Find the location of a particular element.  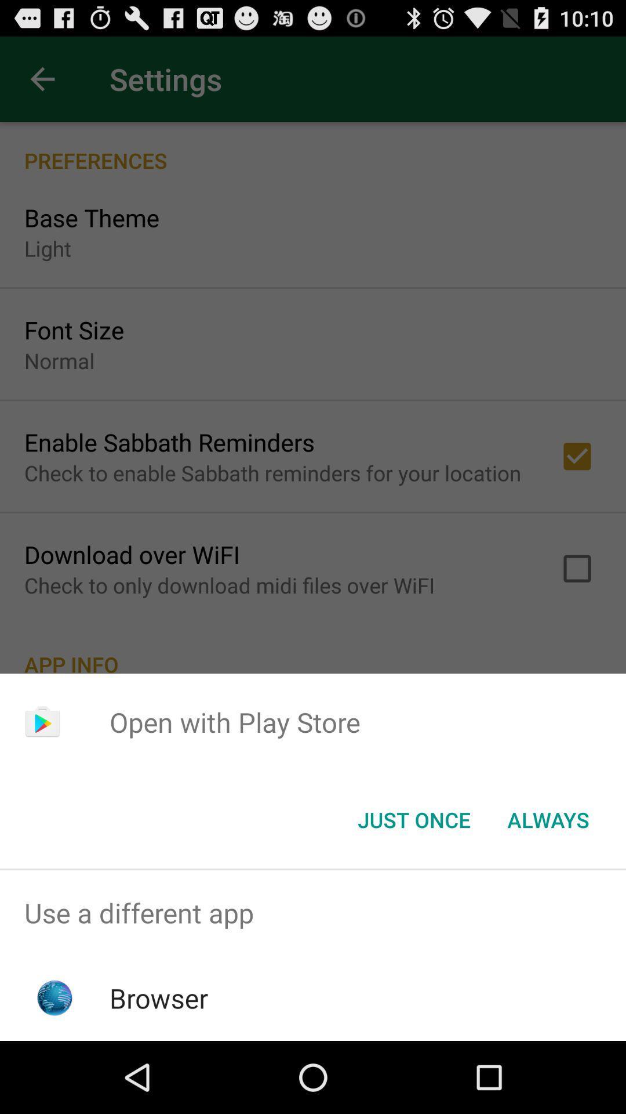

the button at the bottom right corner is located at coordinates (548, 819).